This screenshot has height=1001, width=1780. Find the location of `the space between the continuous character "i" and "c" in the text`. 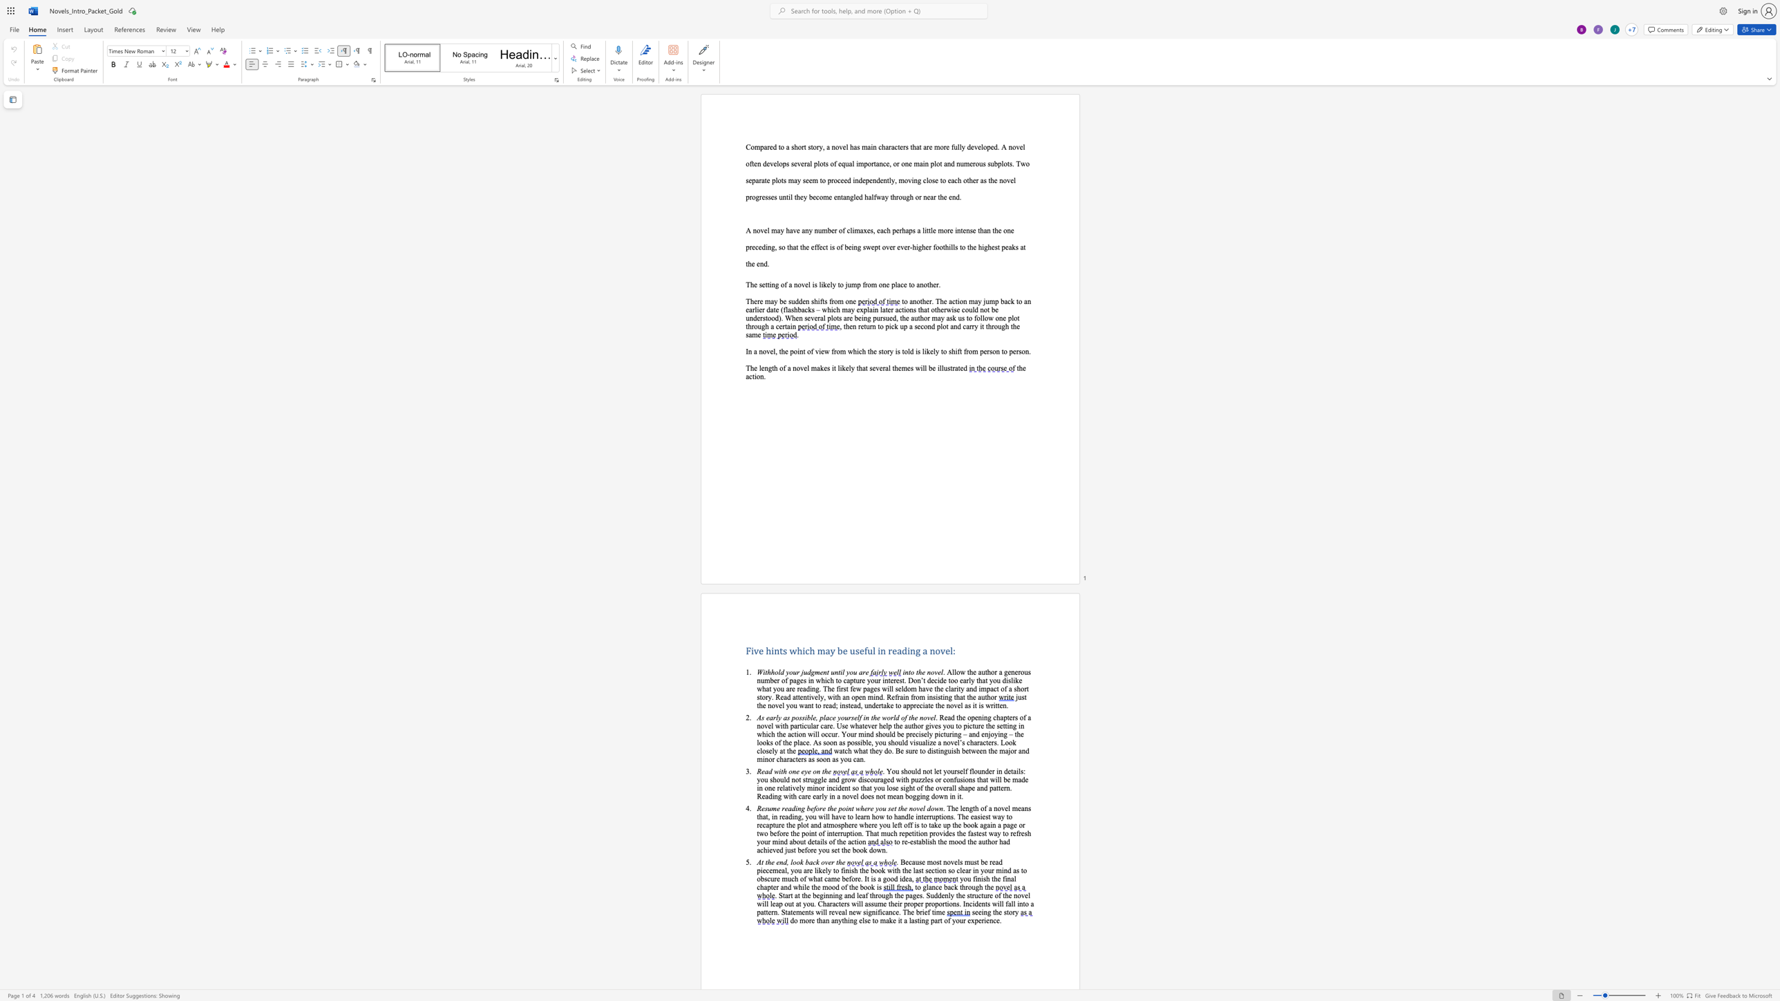

the space between the continuous character "i" and "c" in the text is located at coordinates (804, 650).